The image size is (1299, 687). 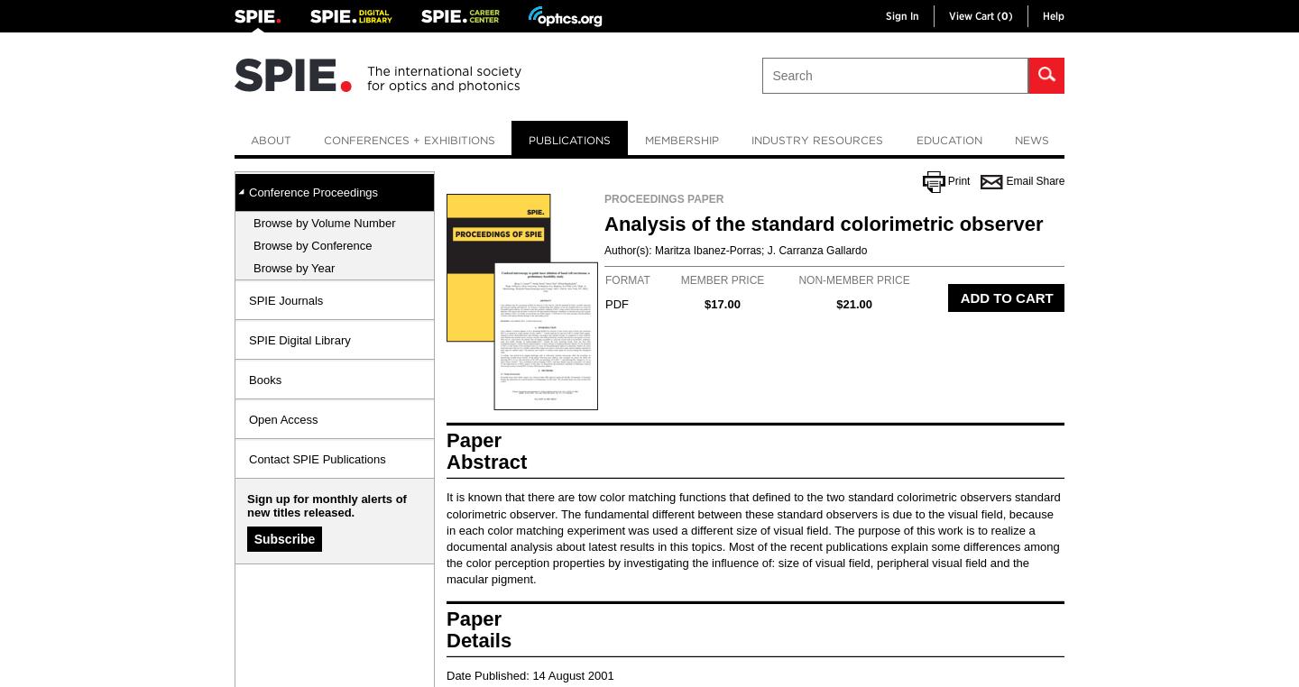 What do you see at coordinates (299, 340) in the screenshot?
I see `'SPIE Digital Library'` at bounding box center [299, 340].